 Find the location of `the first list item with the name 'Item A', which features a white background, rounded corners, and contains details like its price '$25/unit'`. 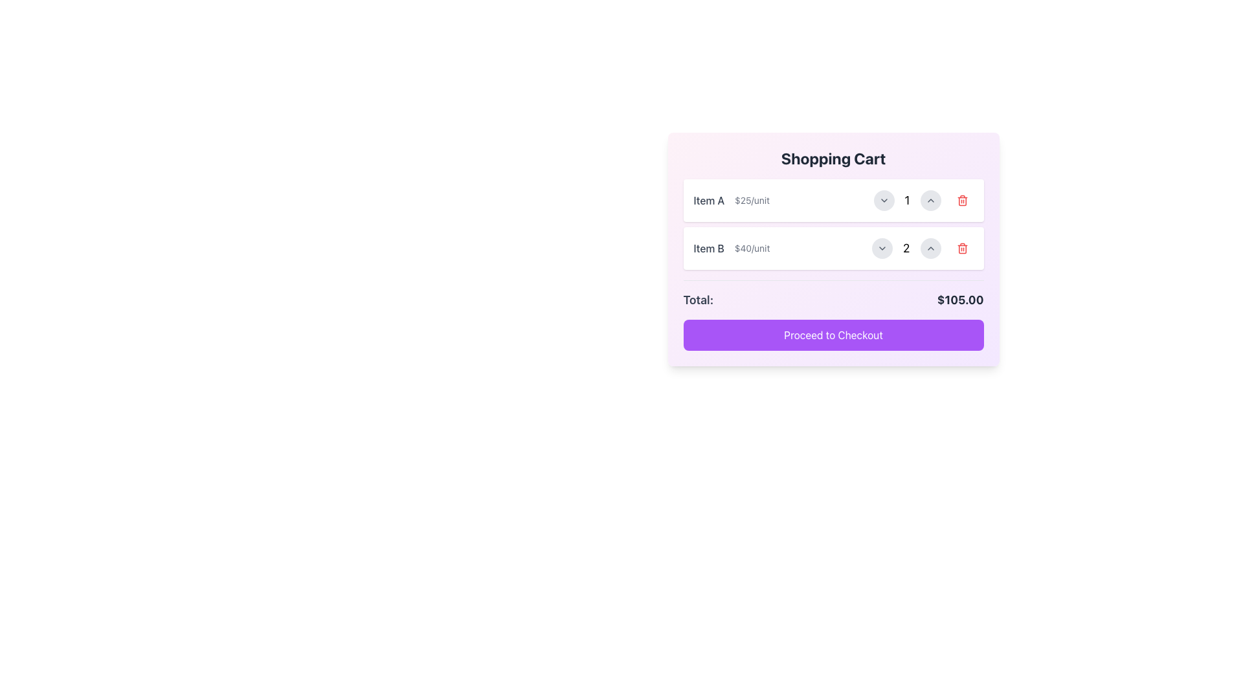

the first list item with the name 'Item A', which features a white background, rounded corners, and contains details like its price '$25/unit' is located at coordinates (833, 200).